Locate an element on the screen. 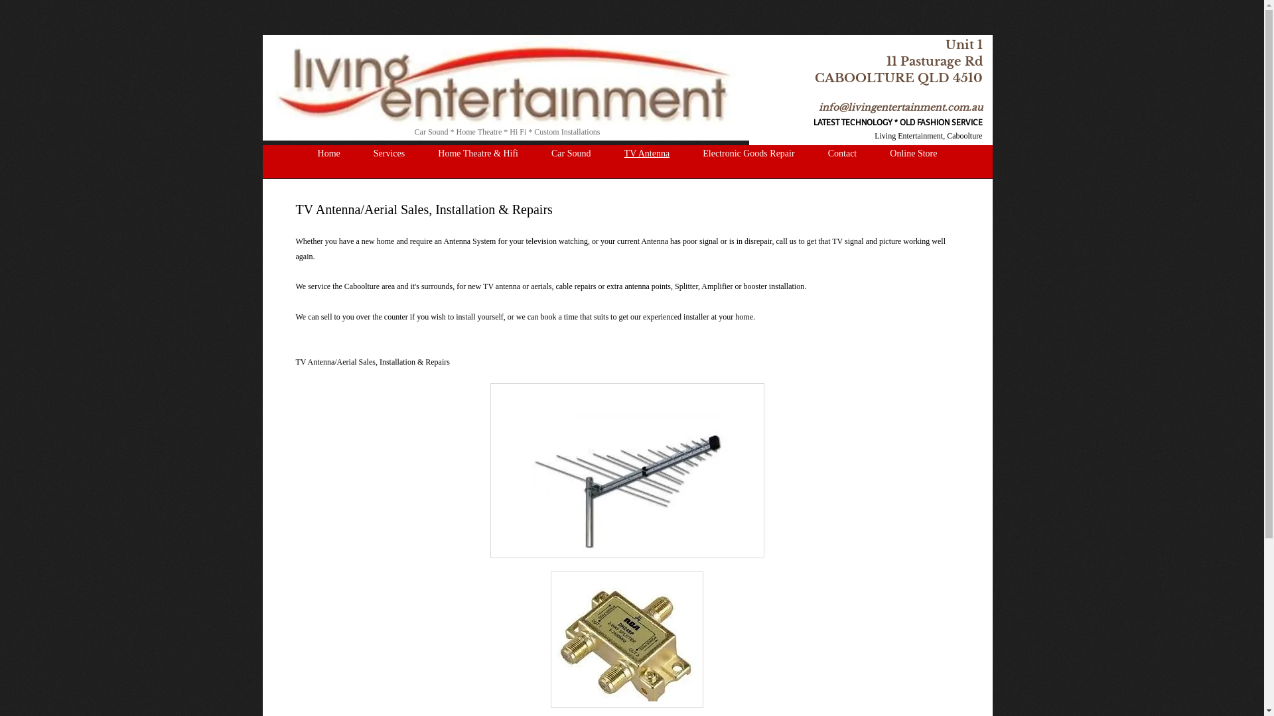 This screenshot has height=716, width=1274. 'Home Theatre & Hifi' is located at coordinates (478, 152).